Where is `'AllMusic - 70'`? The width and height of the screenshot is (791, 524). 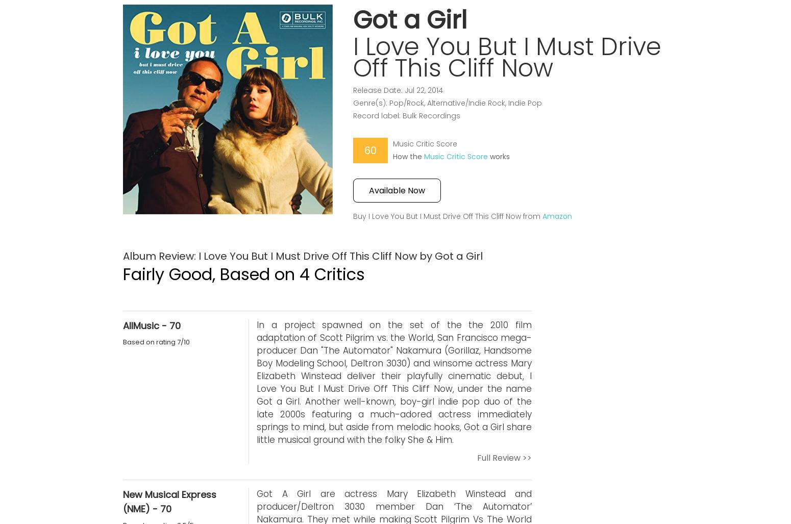 'AllMusic - 70' is located at coordinates (152, 325).